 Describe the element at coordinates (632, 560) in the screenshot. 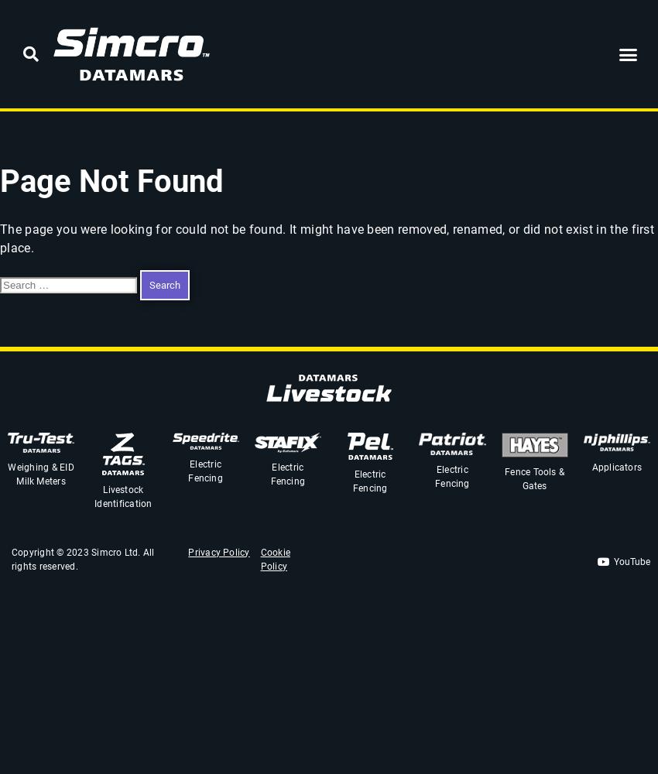

I see `'YouTube'` at that location.